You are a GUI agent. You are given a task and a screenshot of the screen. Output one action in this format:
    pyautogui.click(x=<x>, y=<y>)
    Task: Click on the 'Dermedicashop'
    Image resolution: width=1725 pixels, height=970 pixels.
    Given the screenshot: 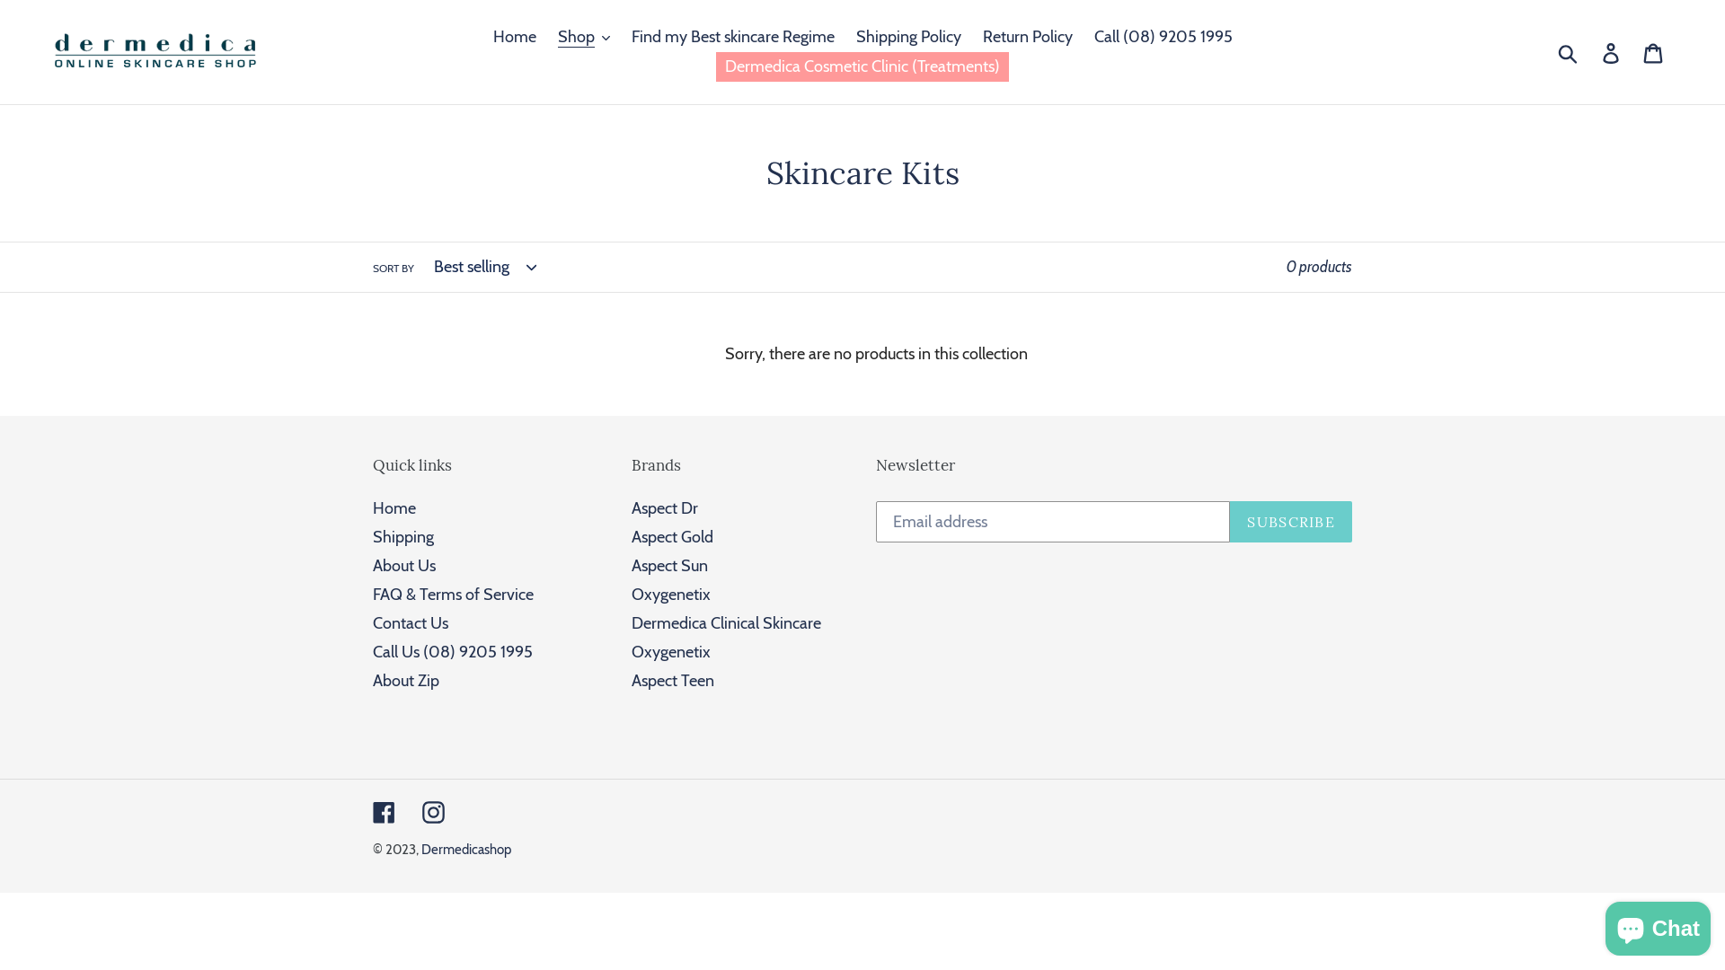 What is the action you would take?
    pyautogui.click(x=465, y=849)
    